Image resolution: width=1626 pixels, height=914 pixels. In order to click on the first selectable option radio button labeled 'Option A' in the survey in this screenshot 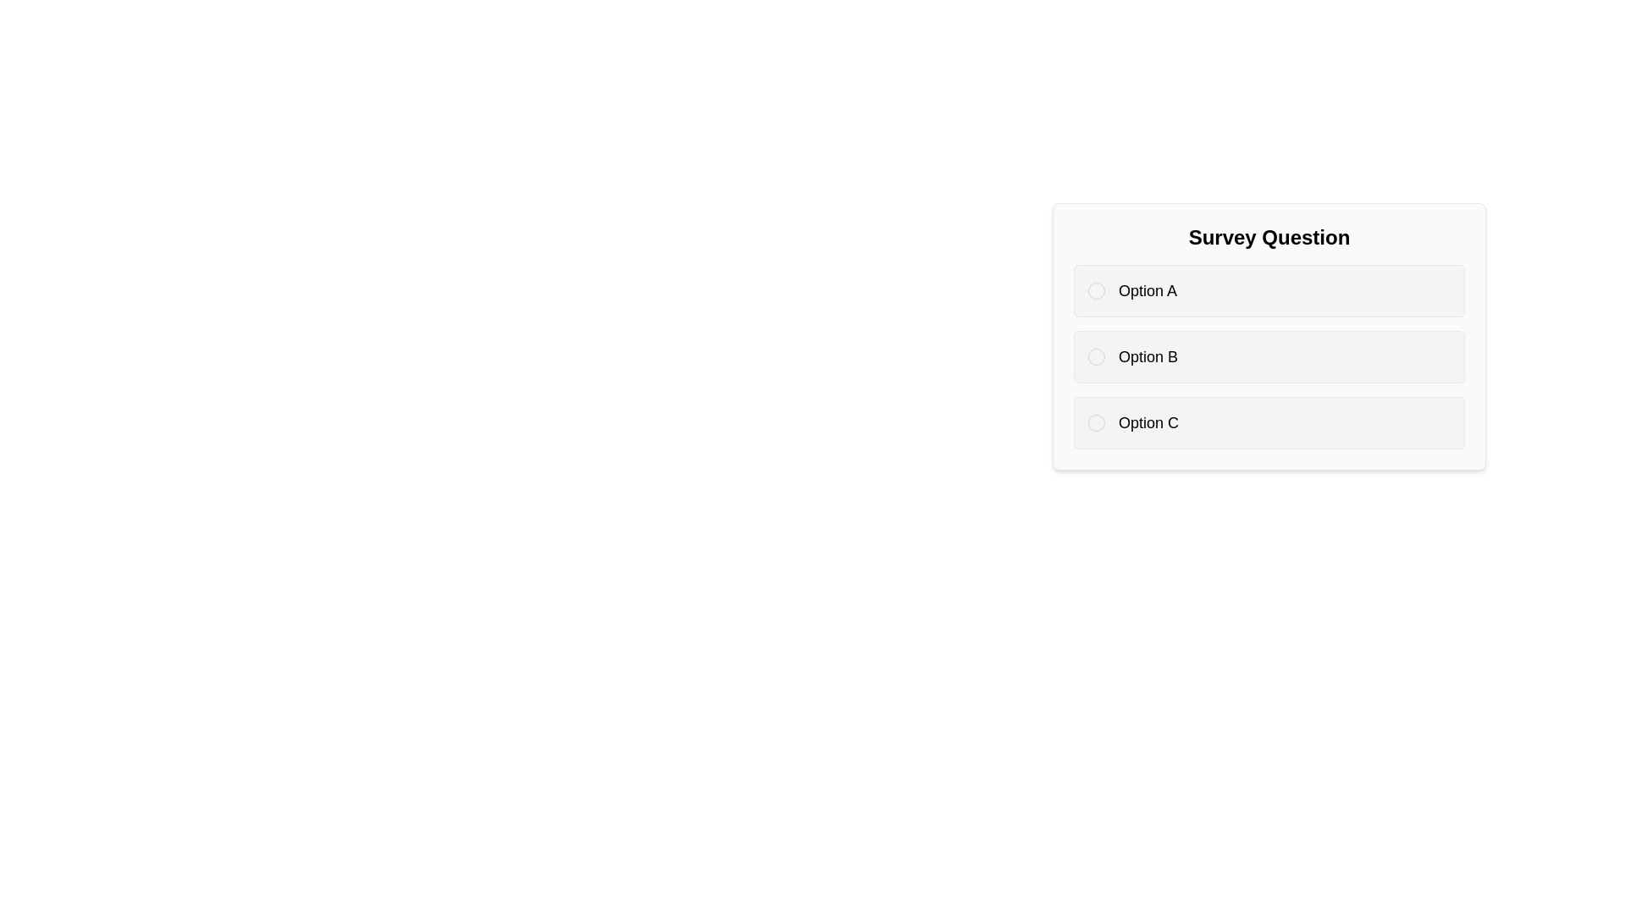, I will do `click(1269, 289)`.